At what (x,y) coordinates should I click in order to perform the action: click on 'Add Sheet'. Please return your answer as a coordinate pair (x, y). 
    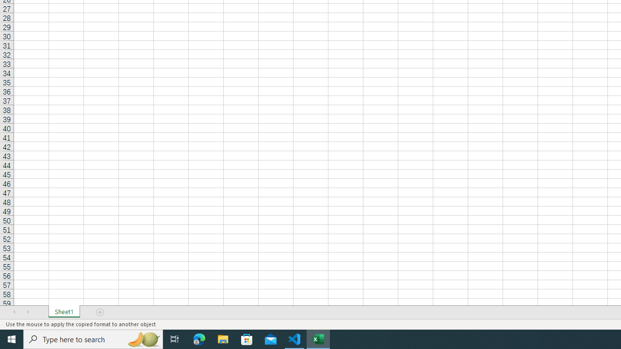
    Looking at the image, I should click on (100, 312).